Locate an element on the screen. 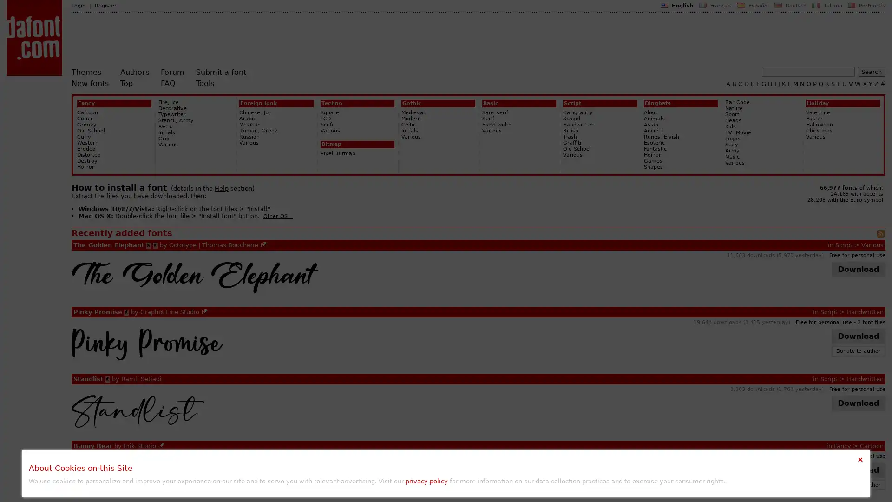 Image resolution: width=892 pixels, height=502 pixels. Search is located at coordinates (871, 71).